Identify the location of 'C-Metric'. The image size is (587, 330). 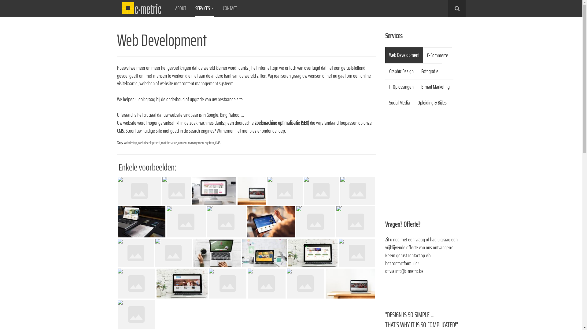
(141, 8).